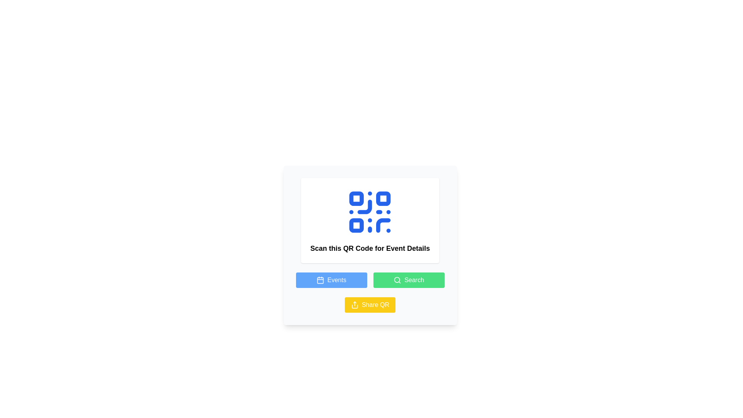 The image size is (743, 418). Describe the element at coordinates (397, 280) in the screenshot. I see `the magnifying glass icon within the green 'Search' button` at that location.